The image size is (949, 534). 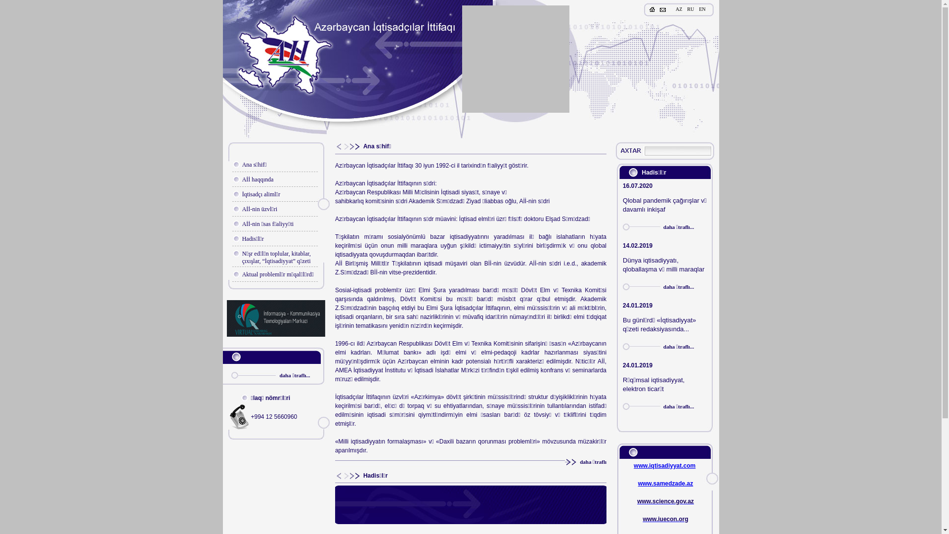 I want to click on 'www.iqtisadiyyat.com', so click(x=633, y=465).